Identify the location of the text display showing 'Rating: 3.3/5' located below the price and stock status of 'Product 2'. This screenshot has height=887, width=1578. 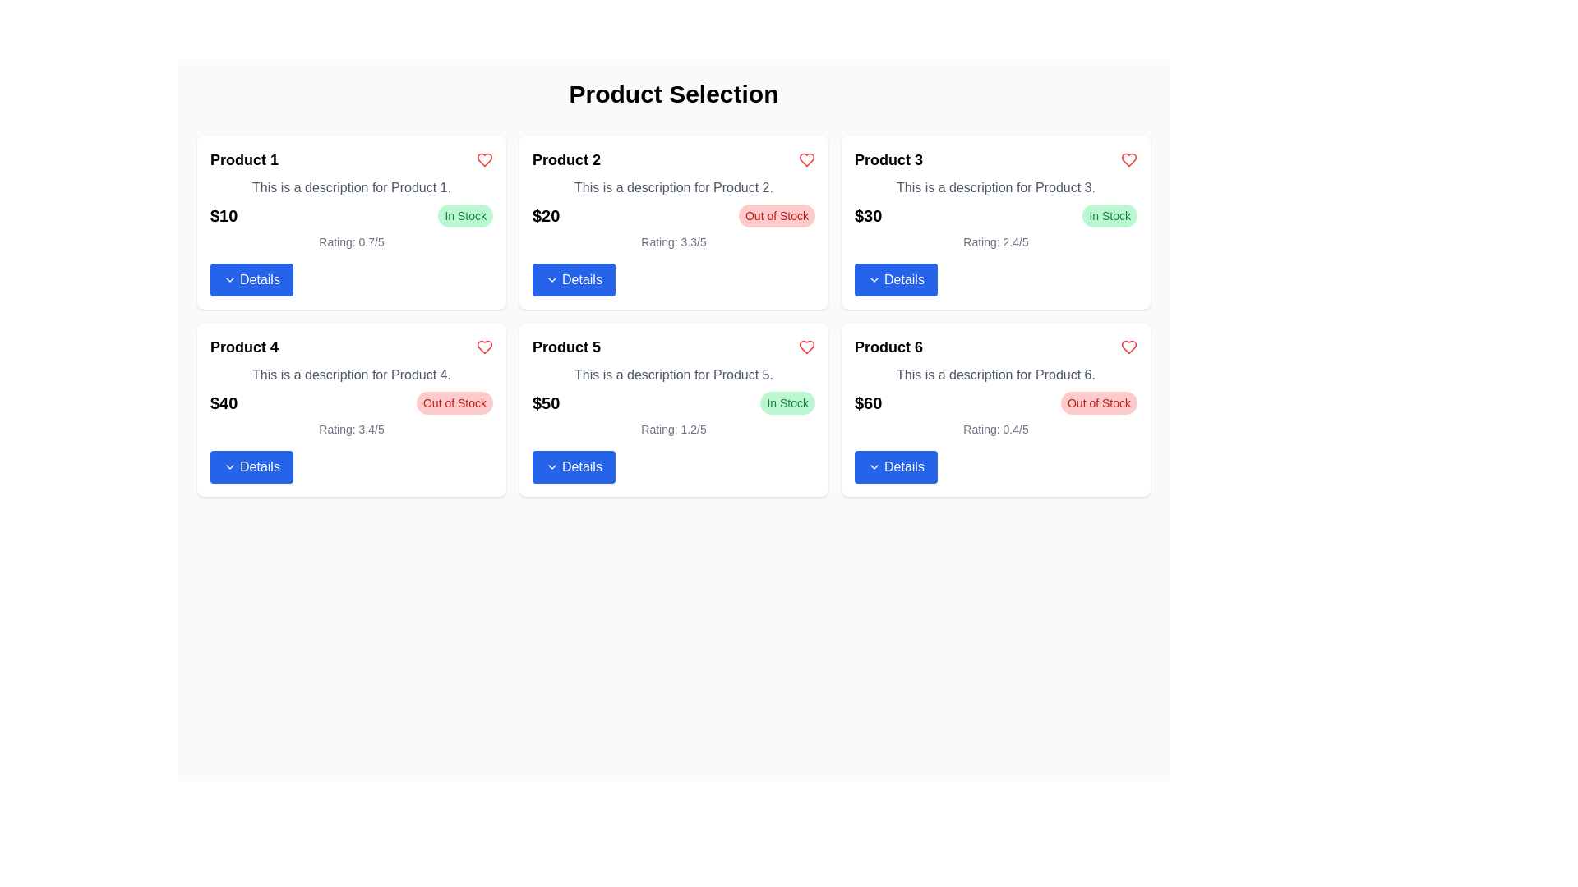
(674, 241).